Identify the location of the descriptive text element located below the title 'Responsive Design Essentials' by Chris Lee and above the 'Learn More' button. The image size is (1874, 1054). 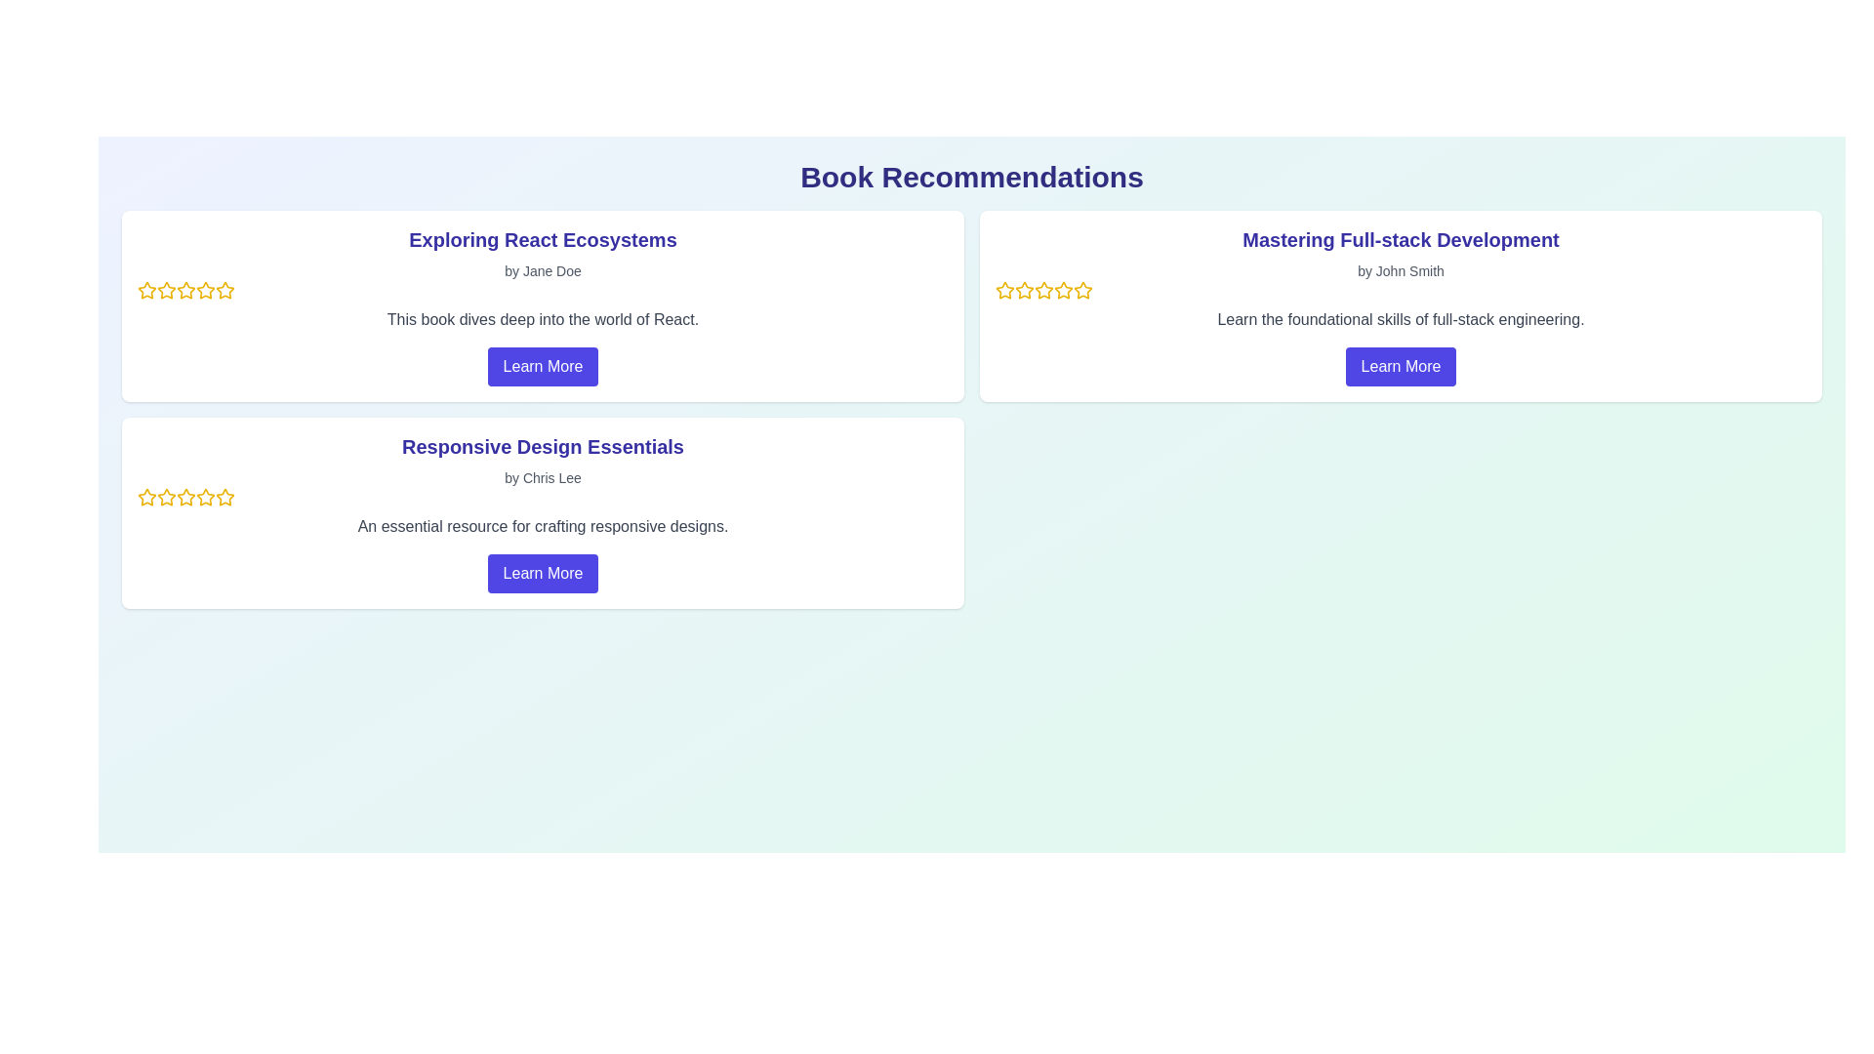
(543, 527).